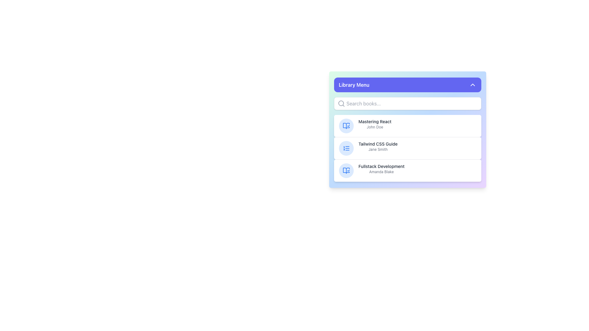 Image resolution: width=589 pixels, height=331 pixels. I want to click on the SVG icon representing an open book with a check mark next to the 'Mastering React' item, so click(346, 170).